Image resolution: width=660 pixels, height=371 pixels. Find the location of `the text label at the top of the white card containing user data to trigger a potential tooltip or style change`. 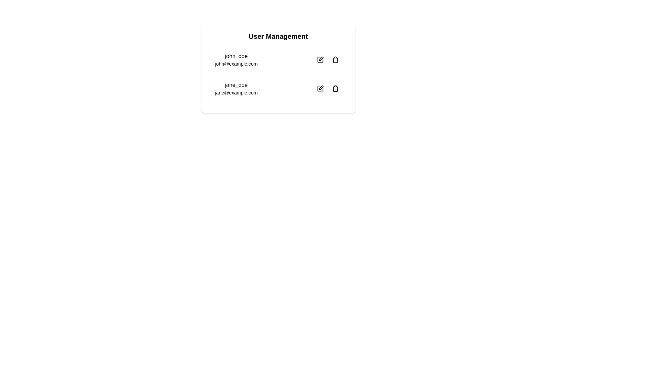

the text label at the top of the white card containing user data to trigger a potential tooltip or style change is located at coordinates (278, 36).